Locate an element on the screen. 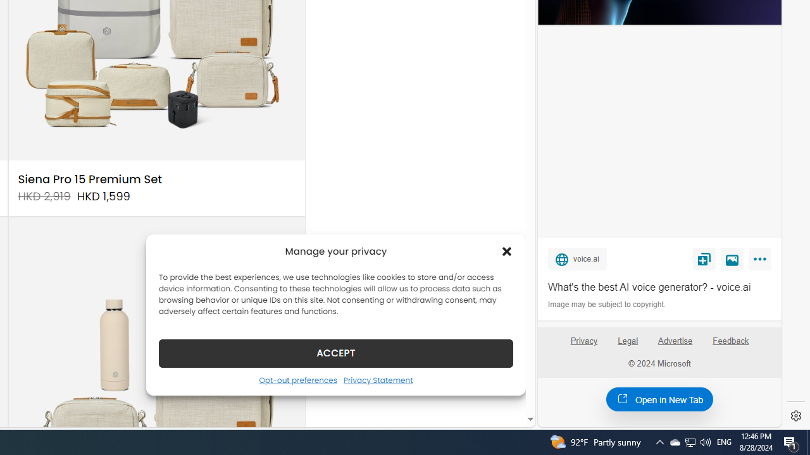  'voice.ai' is located at coordinates (576, 258).